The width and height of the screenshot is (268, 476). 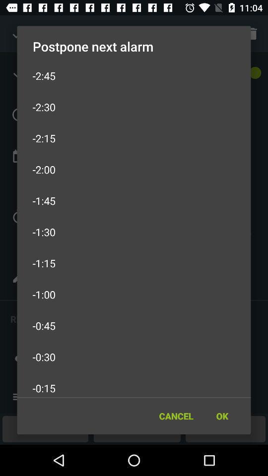 What do you see at coordinates (222, 416) in the screenshot?
I see `ok item` at bounding box center [222, 416].